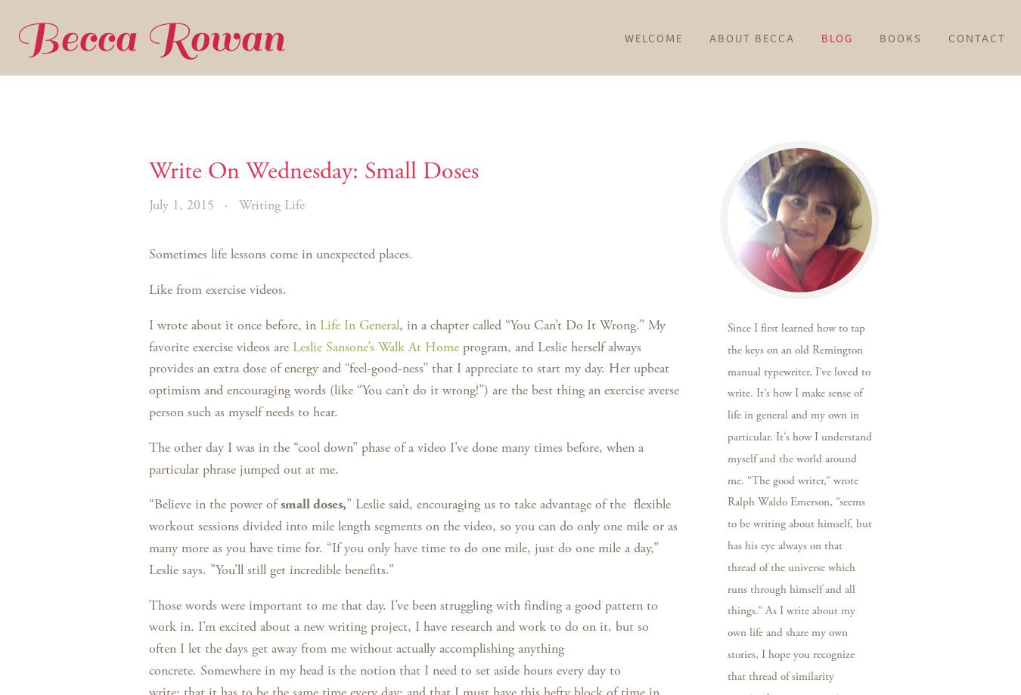 The width and height of the screenshot is (1021, 695). I want to click on 'July 1, 2015', so click(148, 205).